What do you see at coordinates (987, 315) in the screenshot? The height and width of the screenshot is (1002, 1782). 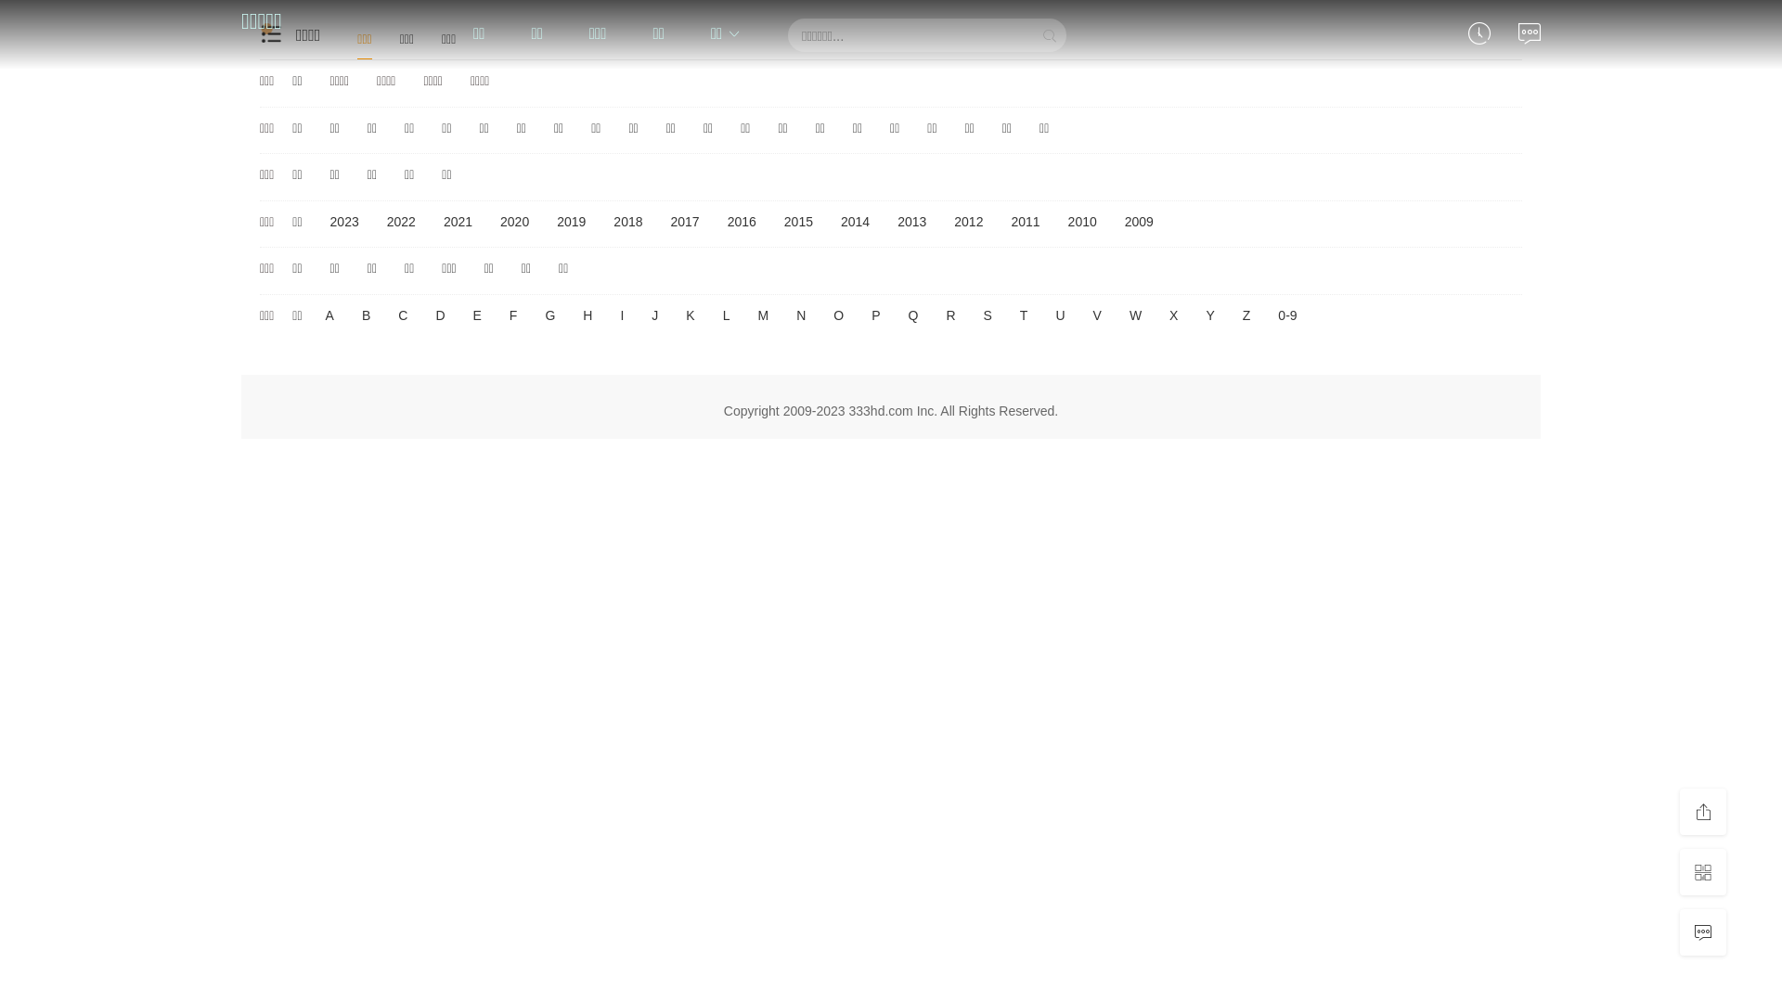 I see `'S'` at bounding box center [987, 315].